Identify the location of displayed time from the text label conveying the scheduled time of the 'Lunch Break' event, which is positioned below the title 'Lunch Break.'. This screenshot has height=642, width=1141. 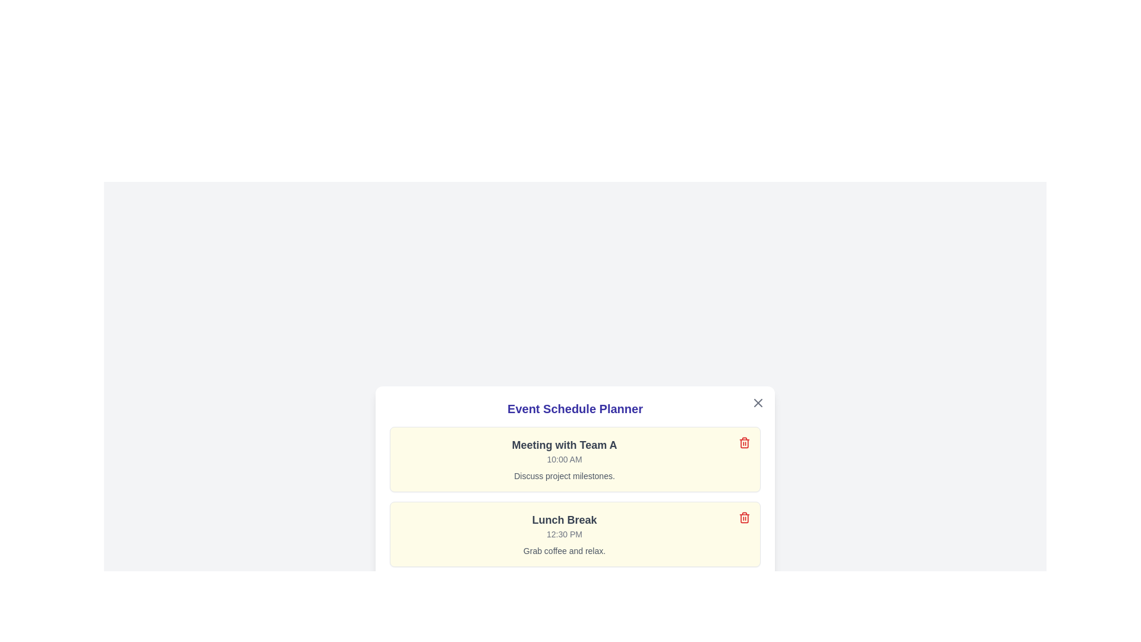
(564, 533).